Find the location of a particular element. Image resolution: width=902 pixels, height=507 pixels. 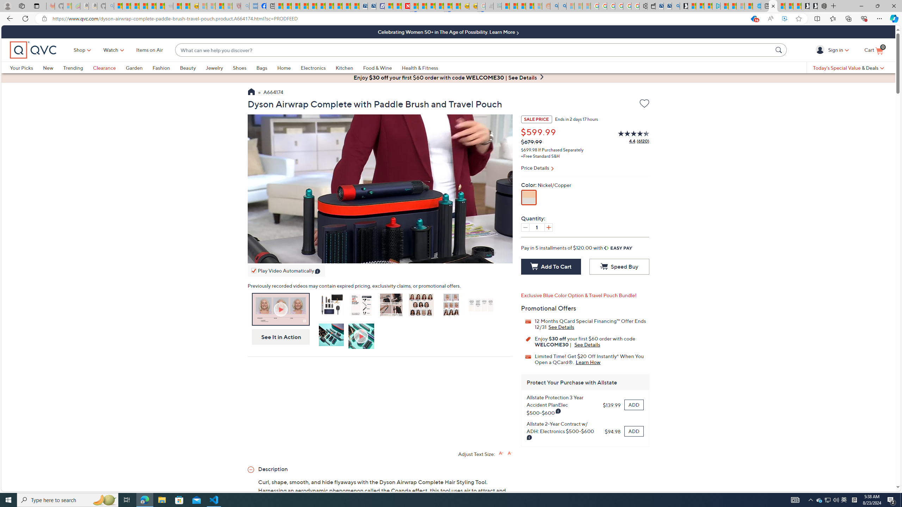

'Full Screen' is located at coordinates (500, 256).